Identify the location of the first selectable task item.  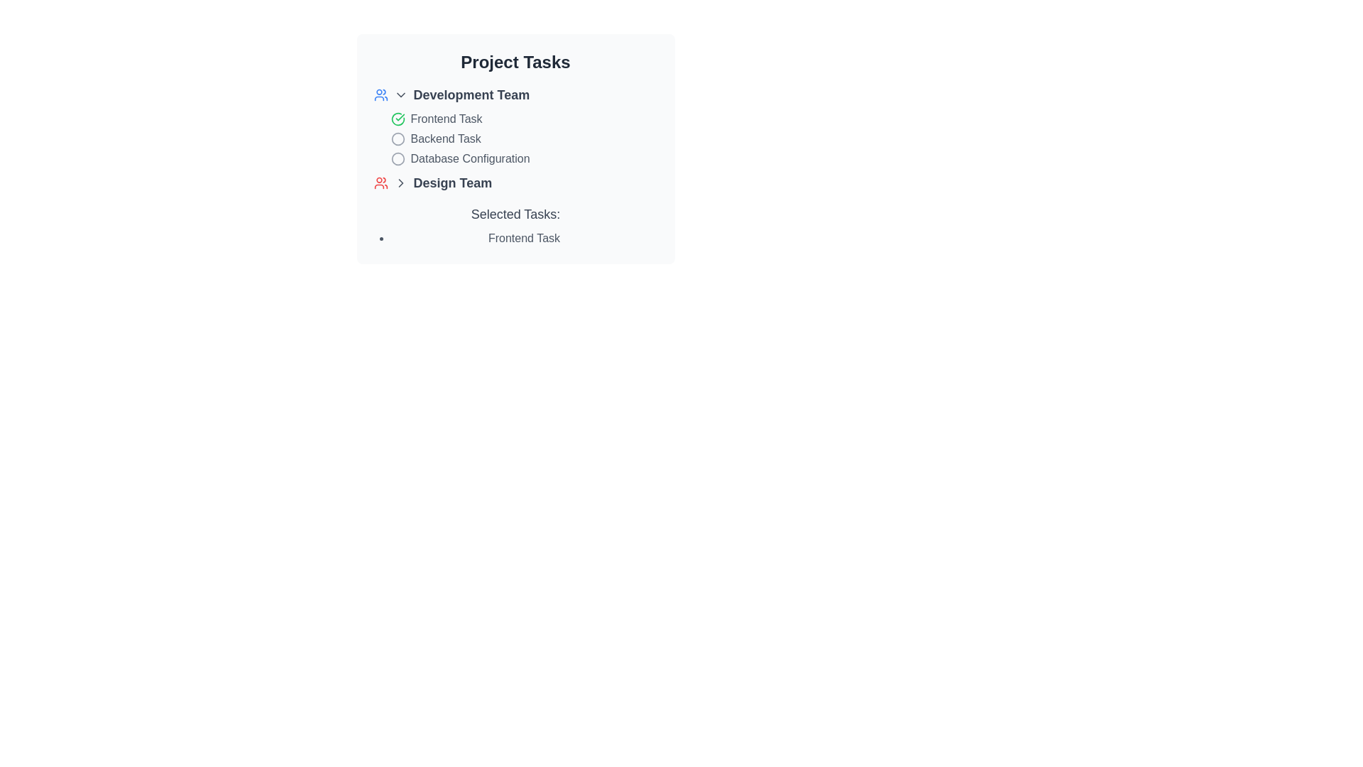
(515, 119).